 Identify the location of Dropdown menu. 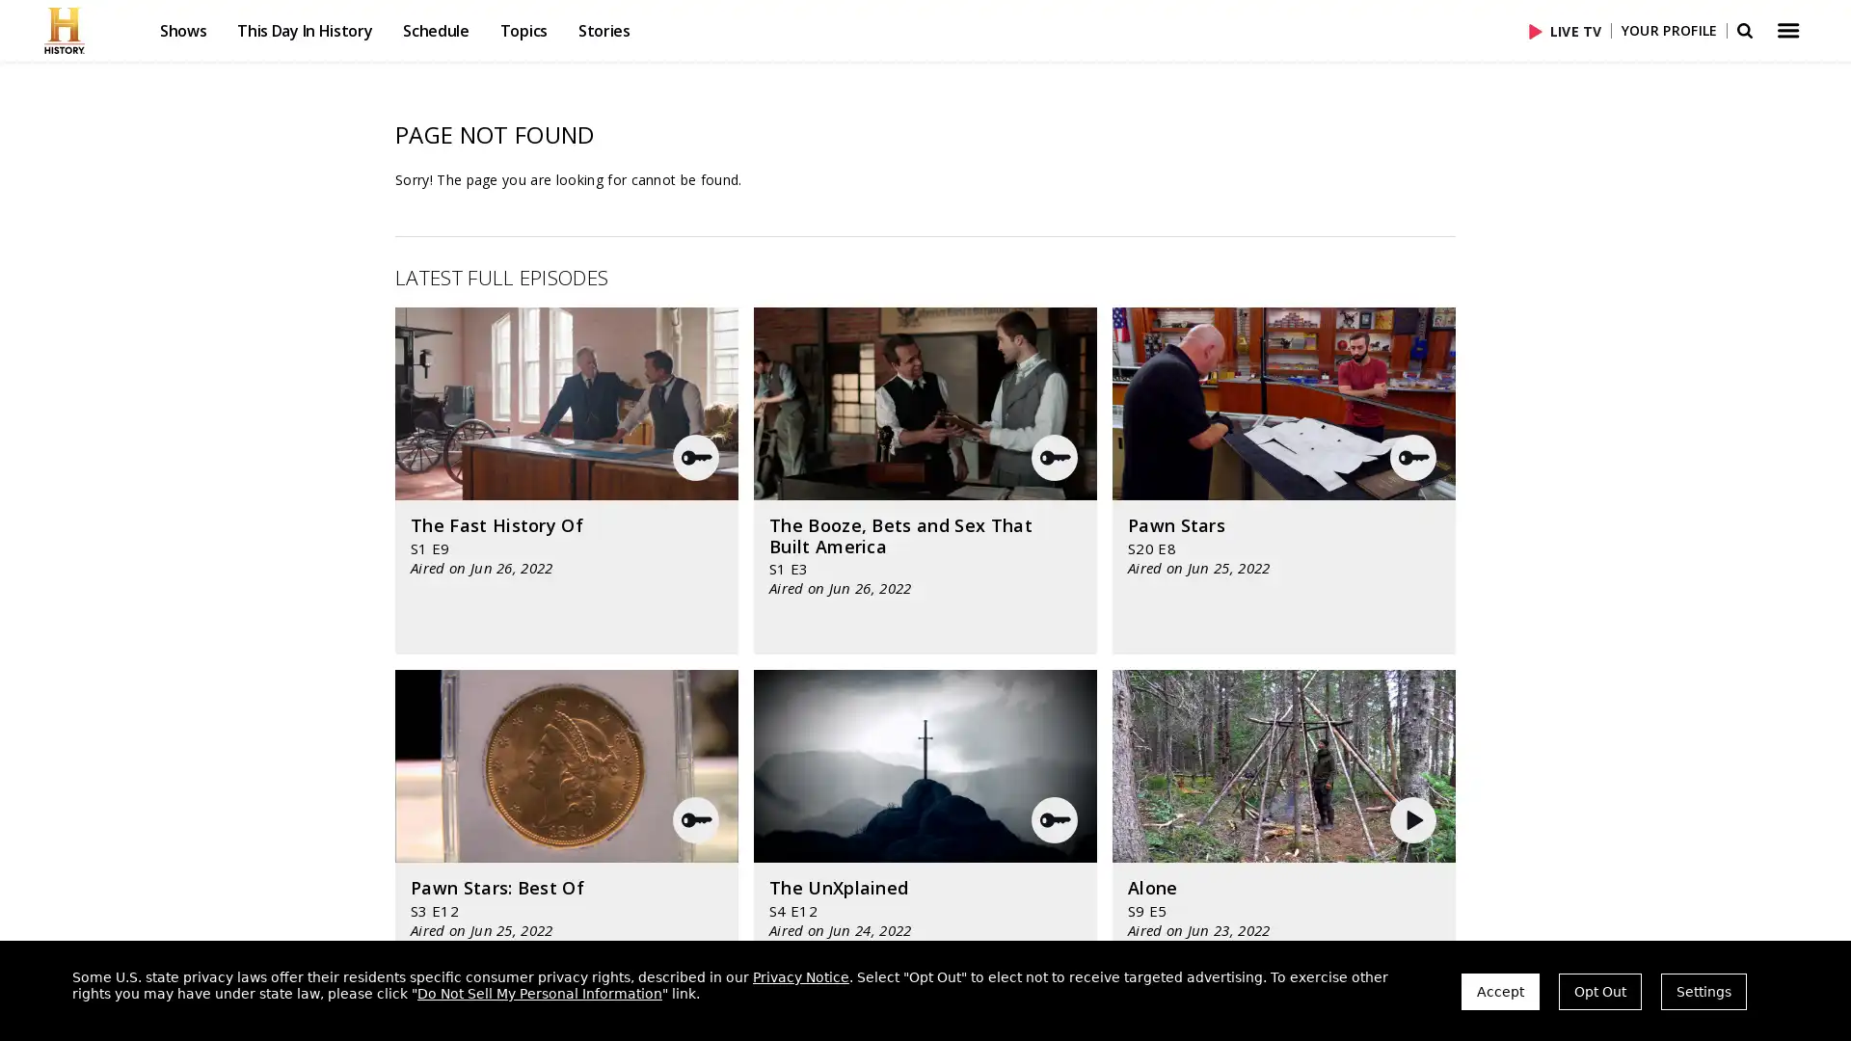
(1785, 30).